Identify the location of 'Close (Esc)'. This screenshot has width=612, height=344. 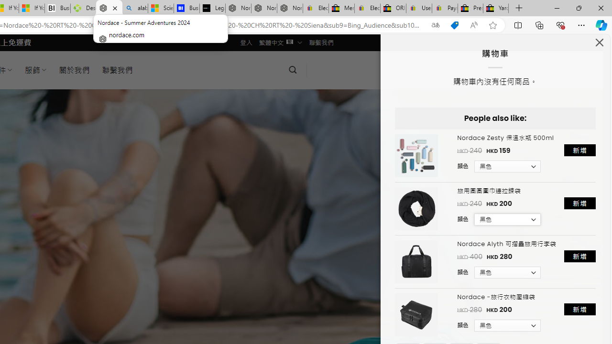
(599, 44).